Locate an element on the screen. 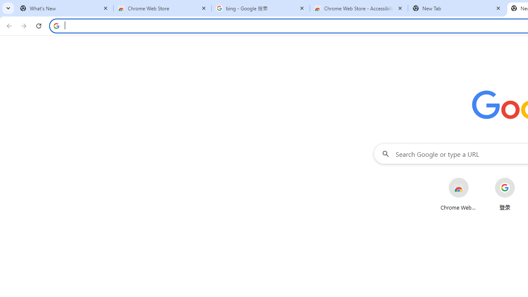 The image size is (528, 297). 'Close' is located at coordinates (498, 8).